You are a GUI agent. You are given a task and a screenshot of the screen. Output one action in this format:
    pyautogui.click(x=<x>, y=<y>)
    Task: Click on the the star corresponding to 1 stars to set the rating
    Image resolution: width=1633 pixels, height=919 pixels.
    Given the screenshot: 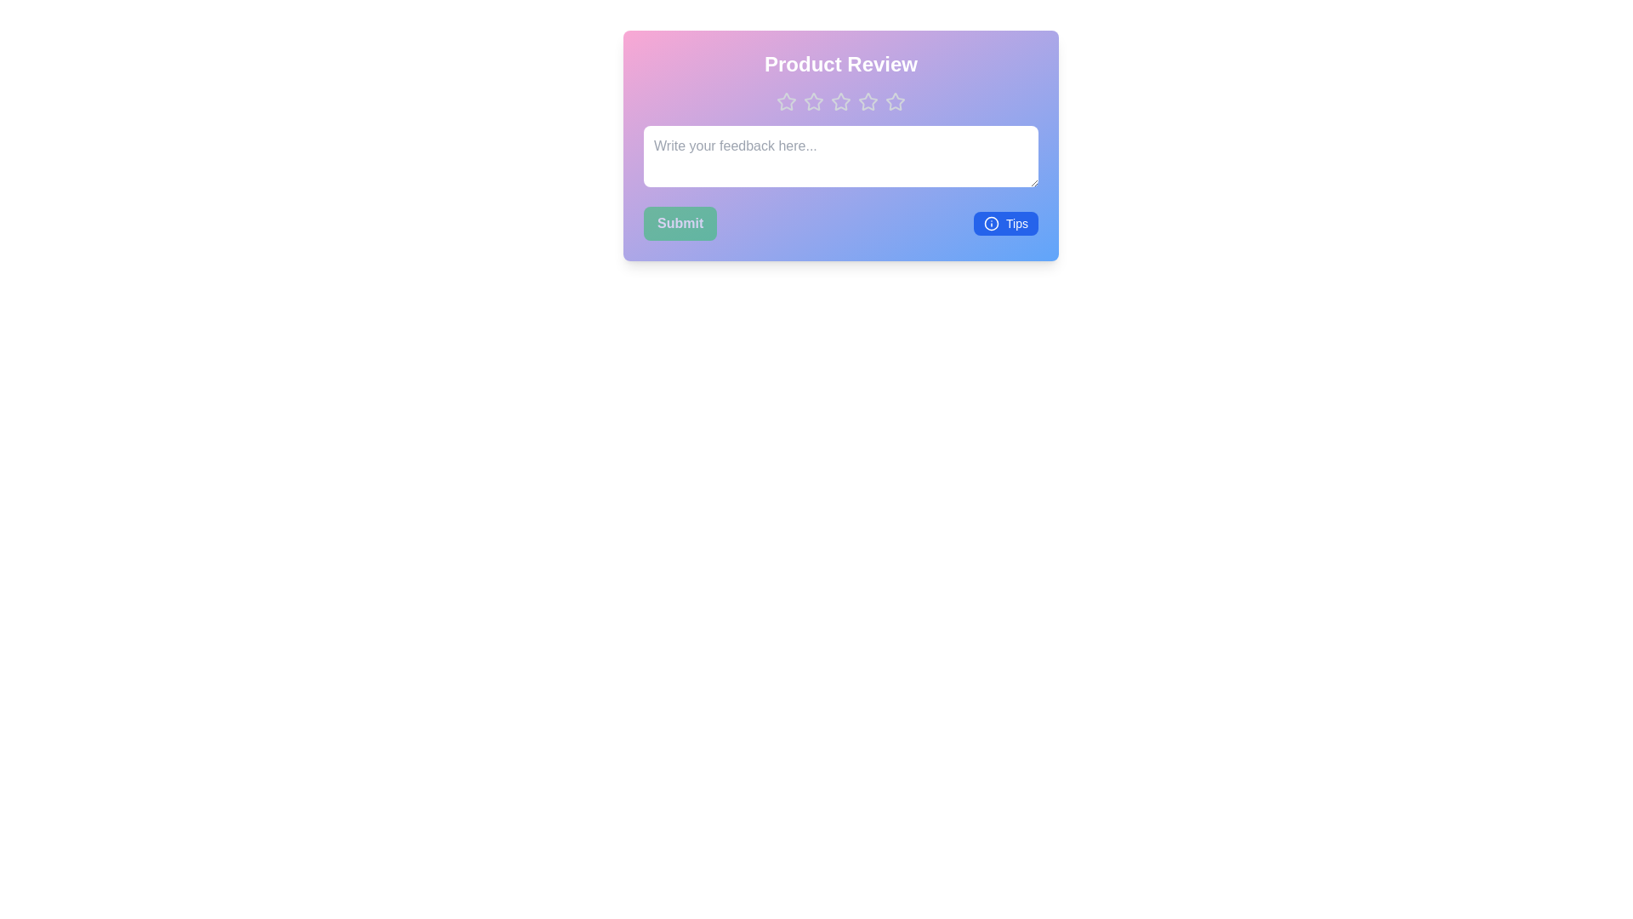 What is the action you would take?
    pyautogui.click(x=786, y=101)
    